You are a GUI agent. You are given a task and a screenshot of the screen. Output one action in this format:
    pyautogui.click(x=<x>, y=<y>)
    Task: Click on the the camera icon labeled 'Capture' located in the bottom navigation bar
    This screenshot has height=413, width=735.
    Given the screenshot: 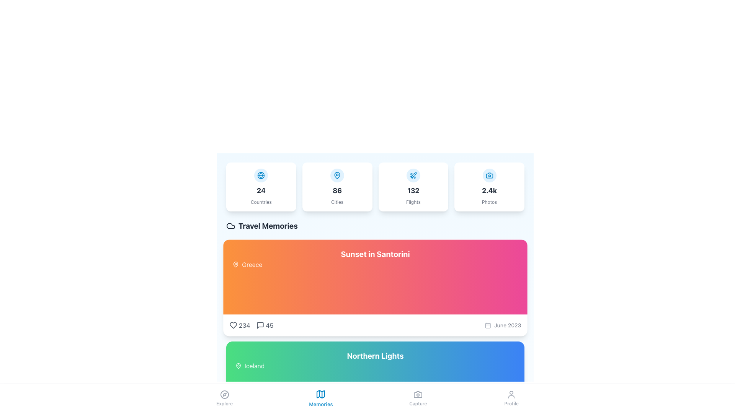 What is the action you would take?
    pyautogui.click(x=418, y=395)
    